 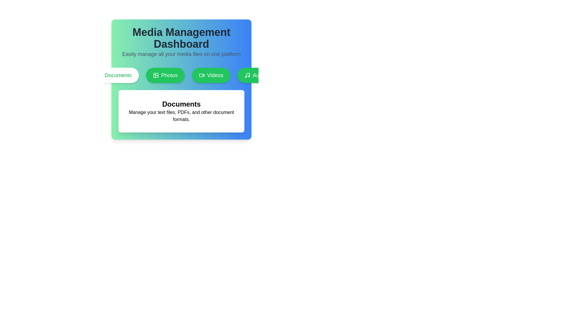 I want to click on the Text Label element that contains the description 'Manage your text files, PDFs, and other document formats.' located below the title 'Documents' within a white card, so click(x=181, y=116).